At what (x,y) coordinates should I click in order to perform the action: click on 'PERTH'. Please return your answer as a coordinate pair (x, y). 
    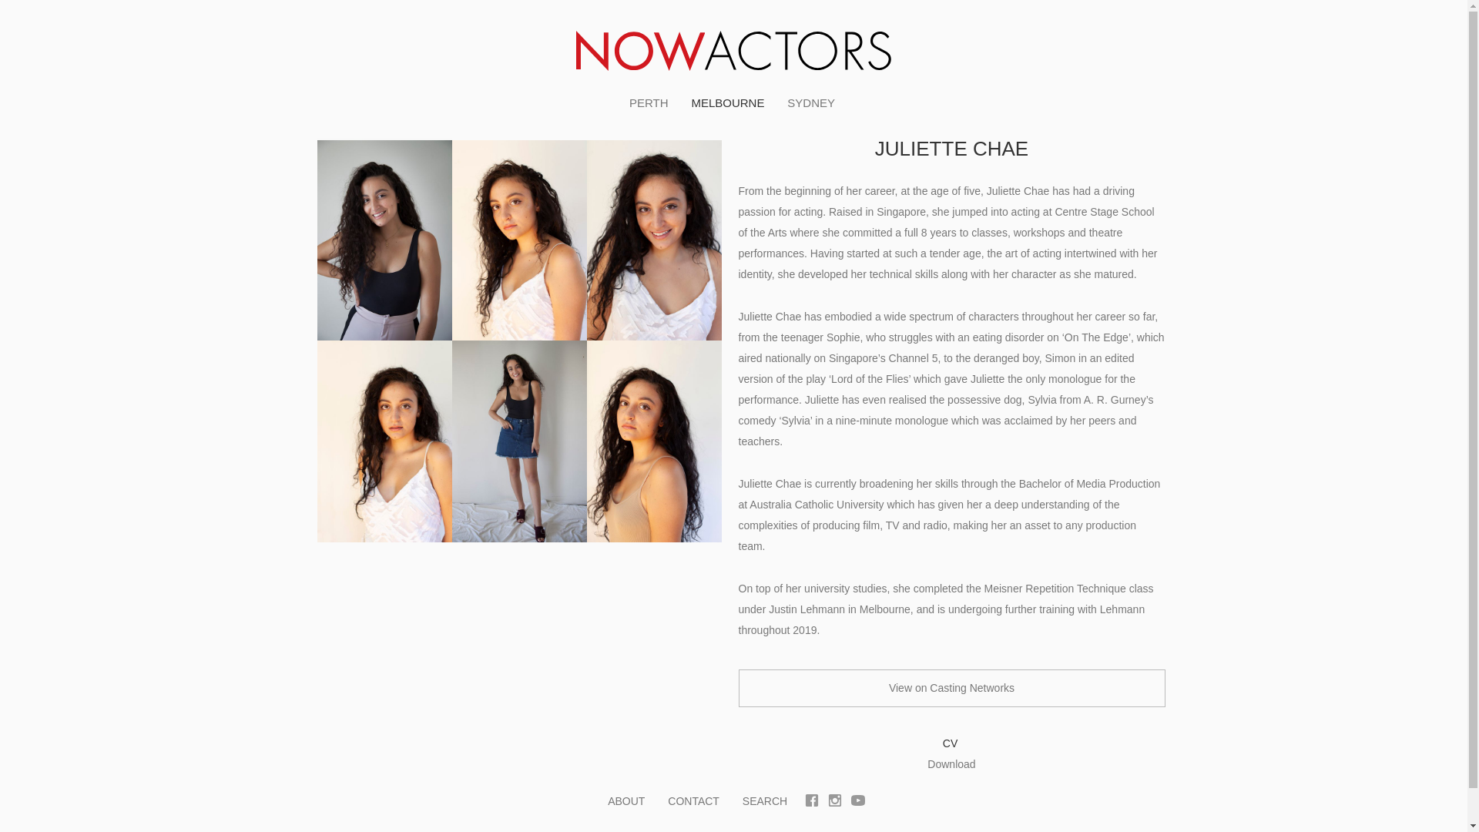
    Looking at the image, I should click on (649, 102).